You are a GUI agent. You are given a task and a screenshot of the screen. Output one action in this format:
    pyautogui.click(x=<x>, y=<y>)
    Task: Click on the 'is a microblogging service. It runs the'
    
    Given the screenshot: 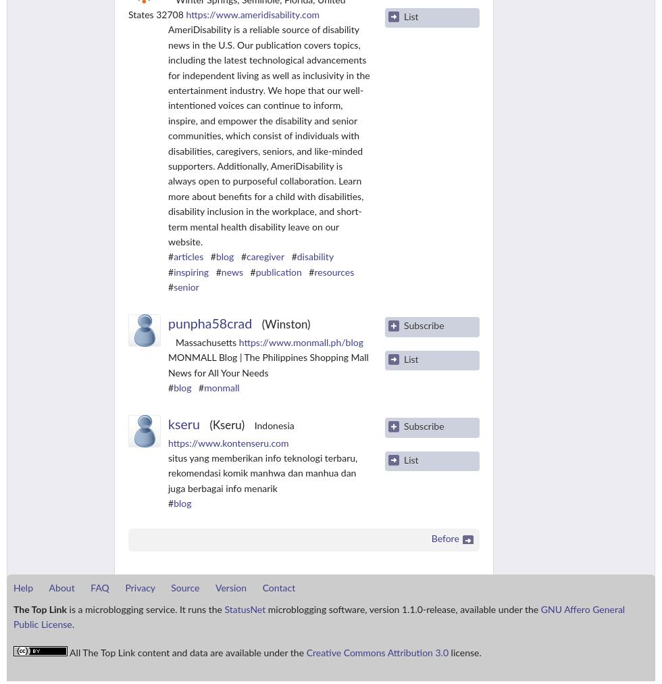 What is the action you would take?
    pyautogui.click(x=145, y=610)
    